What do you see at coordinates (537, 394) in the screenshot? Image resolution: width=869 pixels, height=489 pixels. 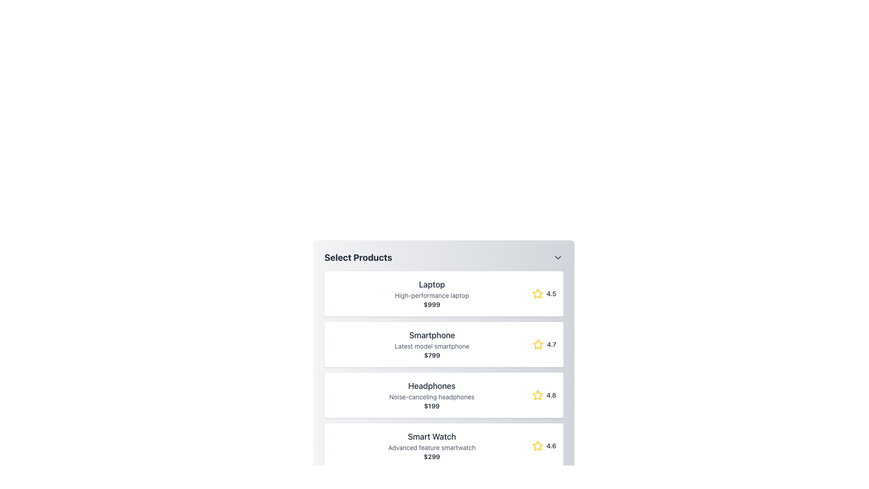 I see `the star-shaped icon used for rating the 'Headphones' product, located on the rightmost part of its respective row` at bounding box center [537, 394].